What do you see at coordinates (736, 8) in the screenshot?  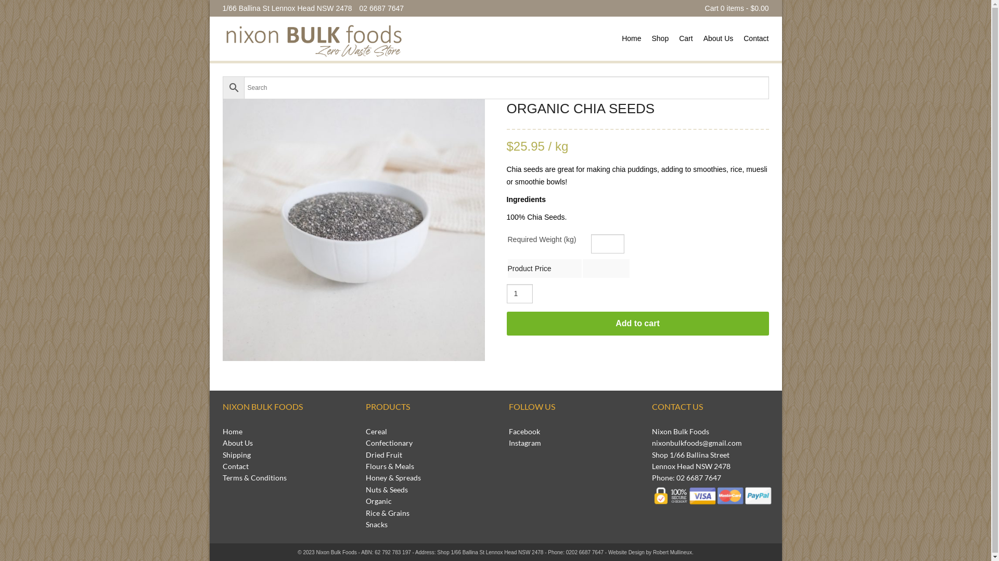 I see `'Cart 0 items - $0.00'` at bounding box center [736, 8].